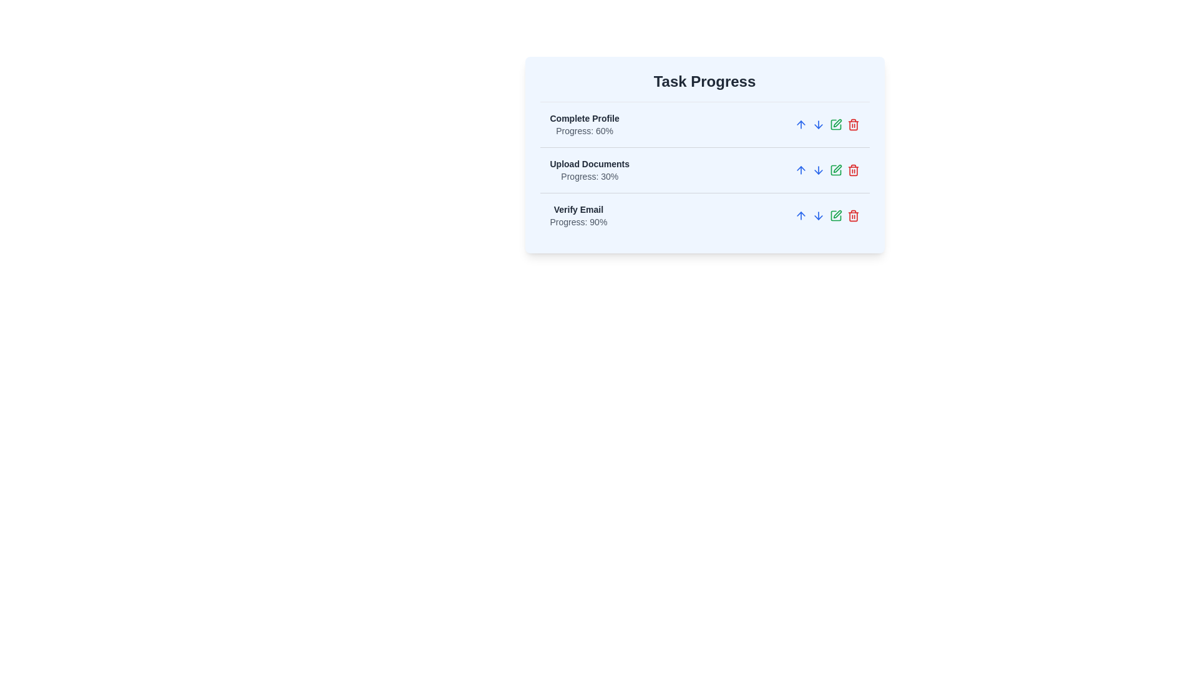  I want to click on the red trash icon button, which signifies a delete action and is positioned at the end of the second row of action icons, so click(852, 170).